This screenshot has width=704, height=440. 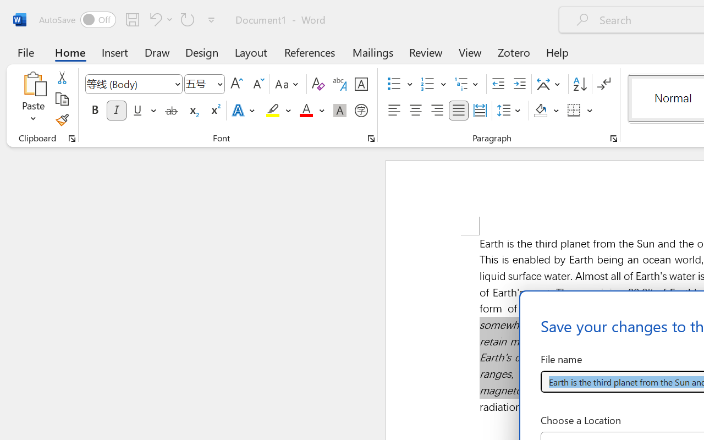 What do you see at coordinates (339, 84) in the screenshot?
I see `'Phonetic Guide...'` at bounding box center [339, 84].